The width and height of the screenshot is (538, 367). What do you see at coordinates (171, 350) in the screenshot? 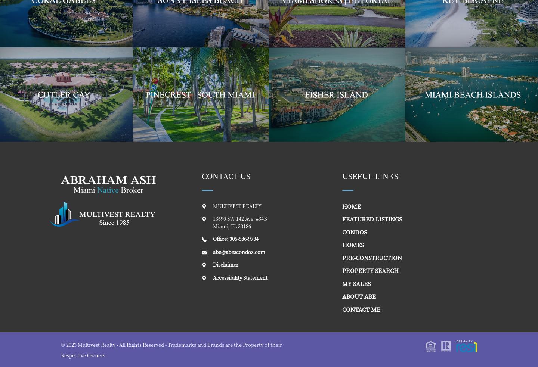
I see `'© 2023 Multivest Realty - All Rights Reserved - Trademarks and Brands are the Property of their Respective Owners'` at bounding box center [171, 350].